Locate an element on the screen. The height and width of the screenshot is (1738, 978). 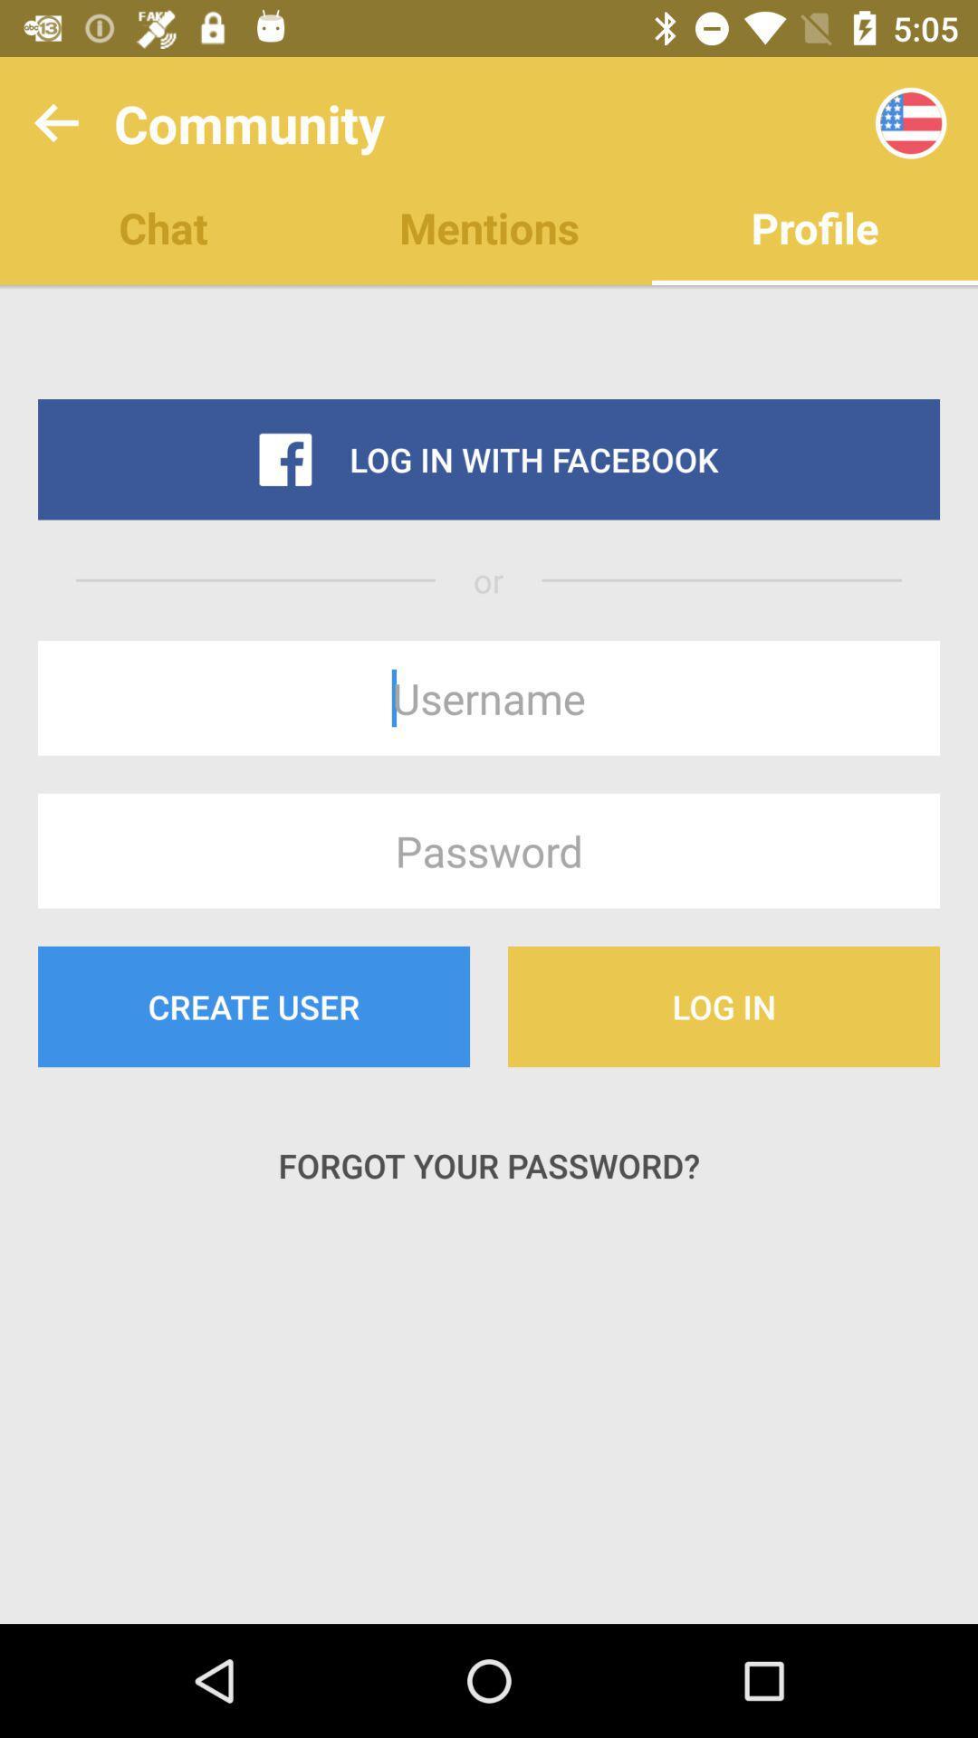
password area is located at coordinates (489, 850).